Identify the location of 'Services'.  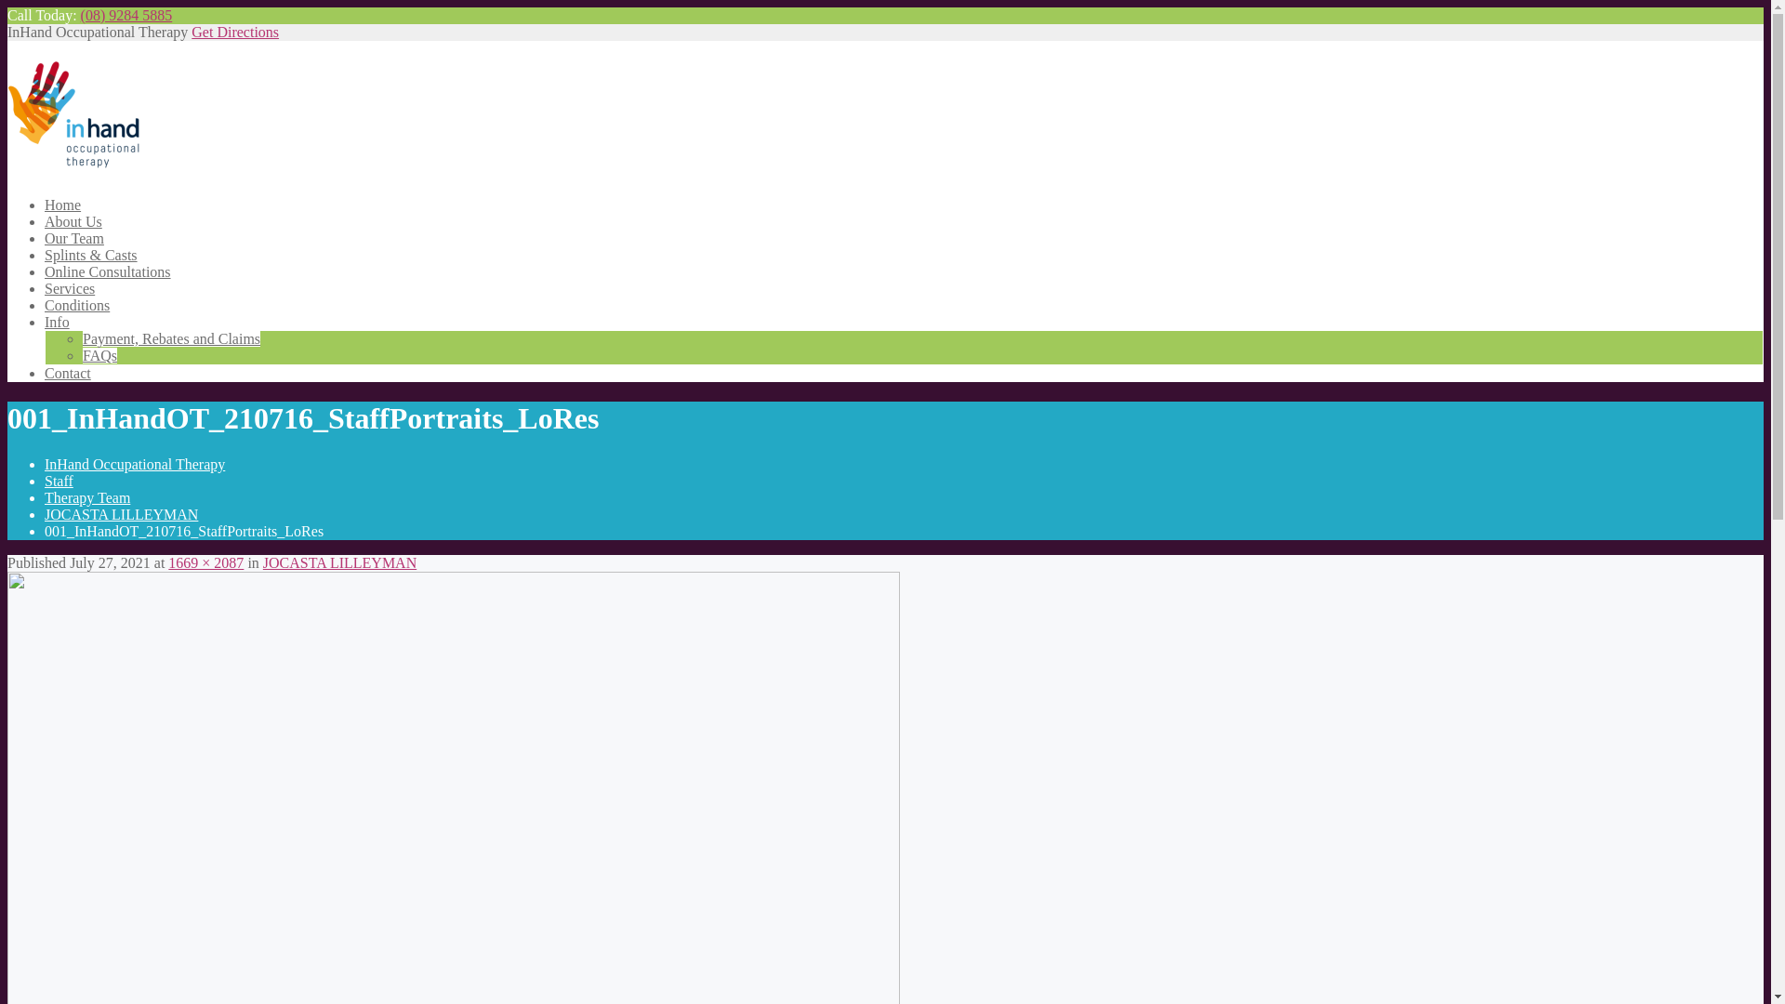
(70, 288).